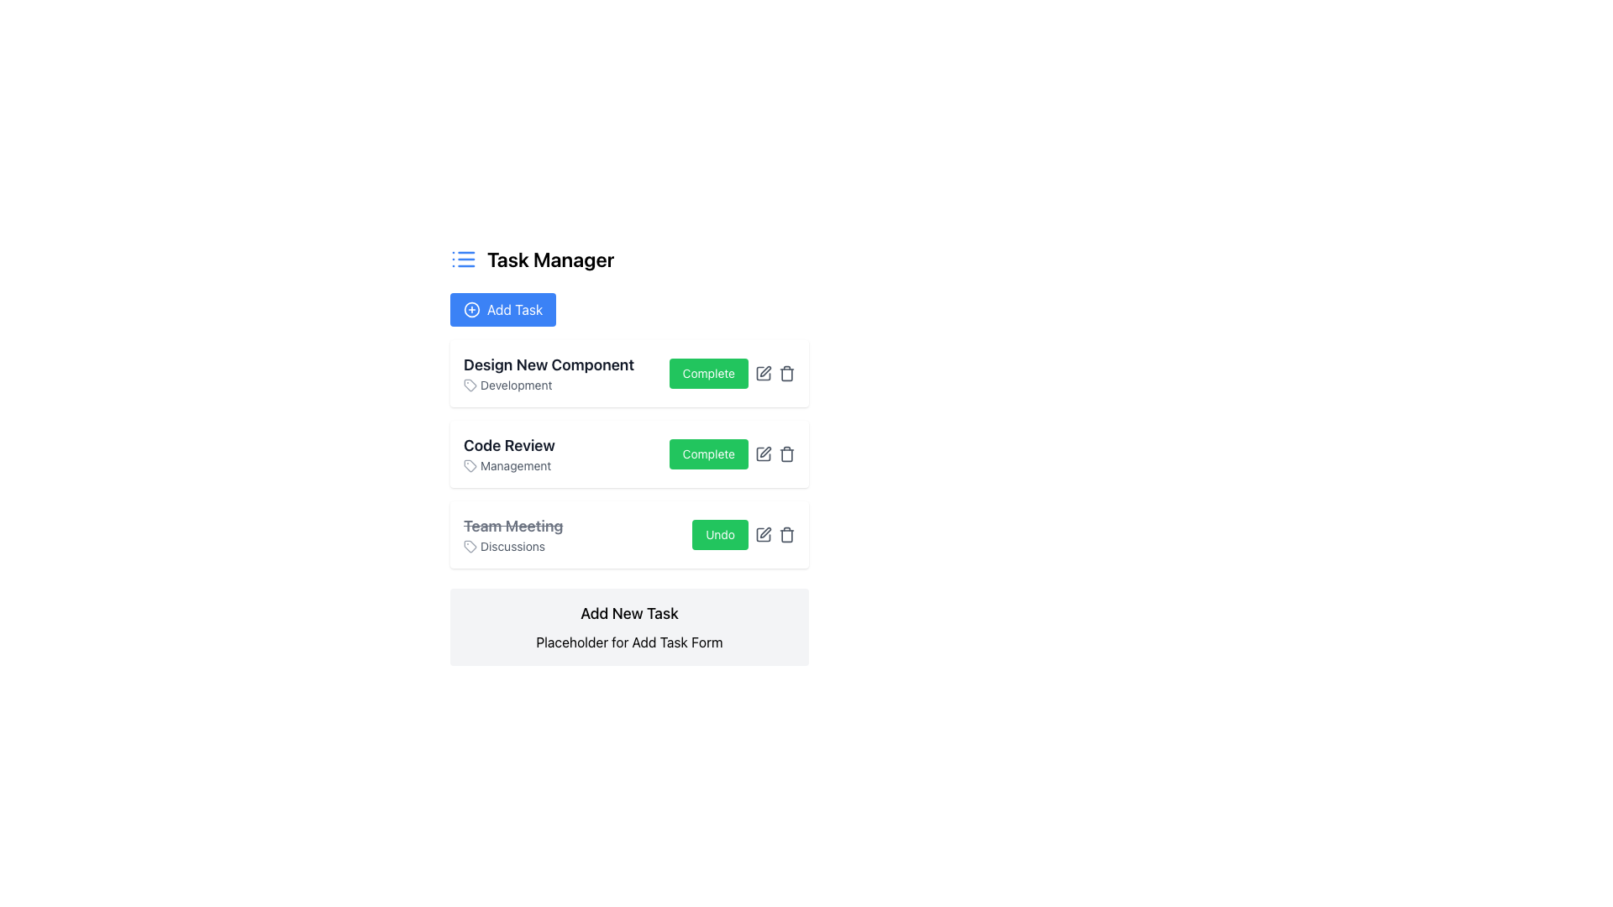 This screenshot has height=907, width=1613. What do you see at coordinates (785, 453) in the screenshot?
I see `the trash can icon button located to the far right of the 'Code Review' task in the task list under the 'Task Manager' header` at bounding box center [785, 453].